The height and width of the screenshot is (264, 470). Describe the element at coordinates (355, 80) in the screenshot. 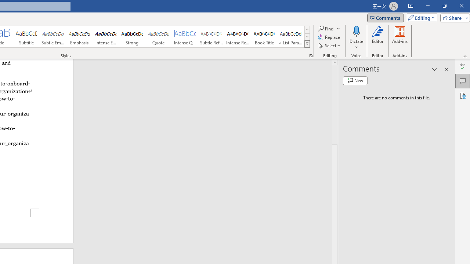

I see `'New comment'` at that location.